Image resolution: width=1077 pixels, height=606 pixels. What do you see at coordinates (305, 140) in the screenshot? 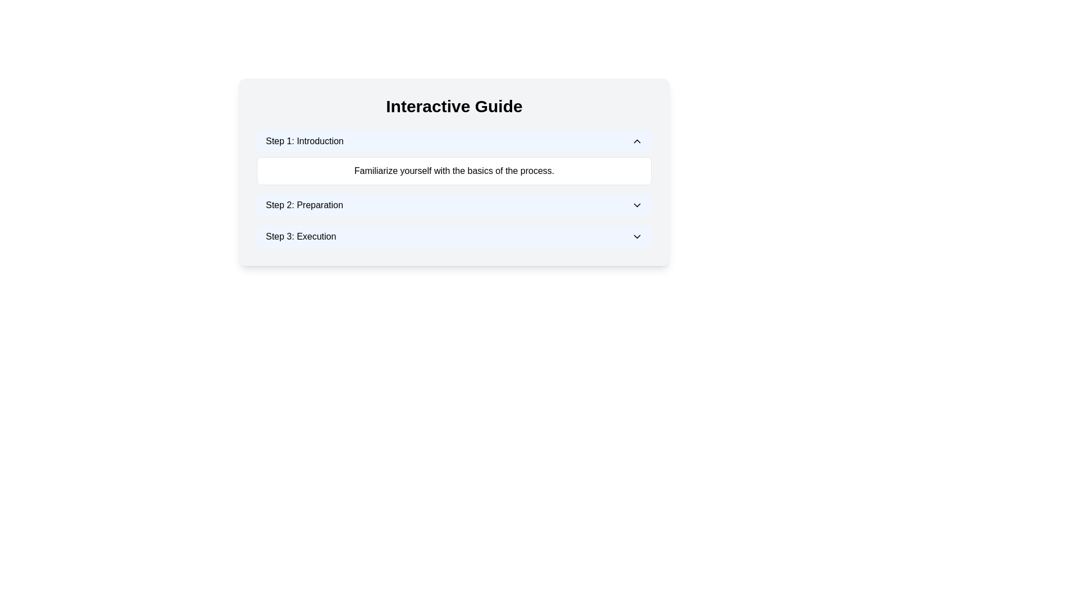
I see `the text label or heading for the first step in the guide, which is positioned at the top of the vertical step list below the title 'Interactive Guide'` at bounding box center [305, 140].